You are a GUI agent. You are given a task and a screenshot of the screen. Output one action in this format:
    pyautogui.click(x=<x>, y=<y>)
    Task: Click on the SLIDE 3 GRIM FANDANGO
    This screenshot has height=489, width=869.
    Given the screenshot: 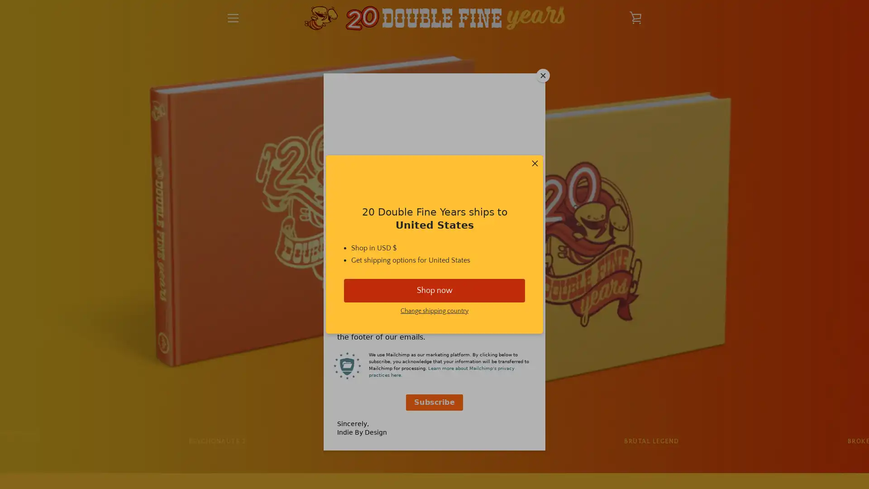 What is the action you would take?
    pyautogui.click(x=434, y=441)
    